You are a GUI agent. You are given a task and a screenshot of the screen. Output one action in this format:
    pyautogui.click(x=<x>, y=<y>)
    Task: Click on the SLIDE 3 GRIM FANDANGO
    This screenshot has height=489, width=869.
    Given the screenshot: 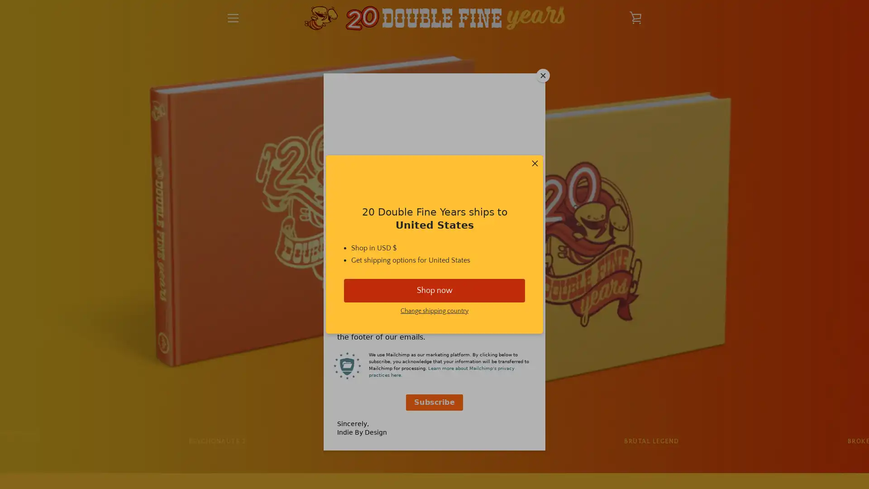 What is the action you would take?
    pyautogui.click(x=434, y=441)
    